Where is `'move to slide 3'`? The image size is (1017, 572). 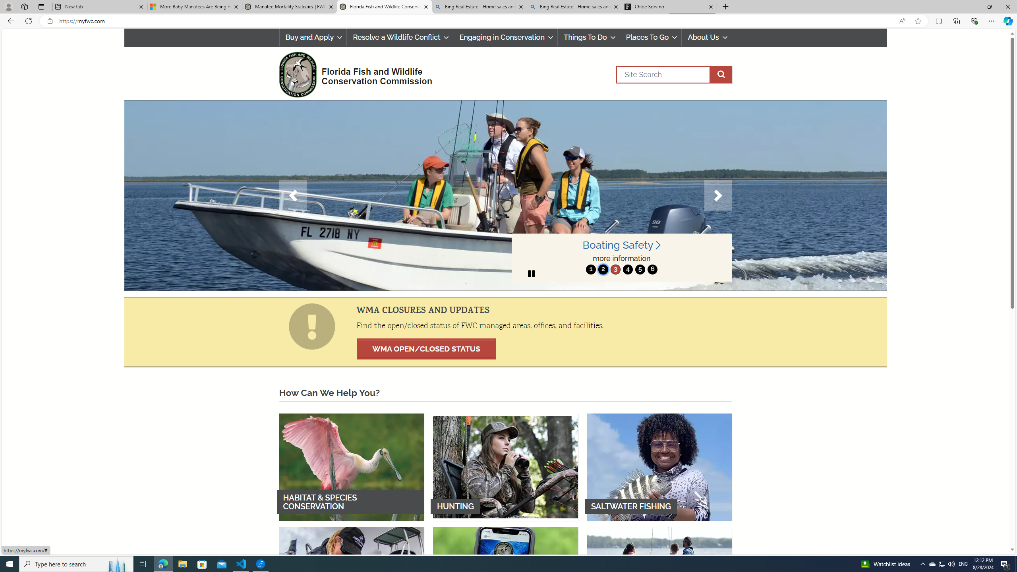 'move to slide 3' is located at coordinates (615, 269).